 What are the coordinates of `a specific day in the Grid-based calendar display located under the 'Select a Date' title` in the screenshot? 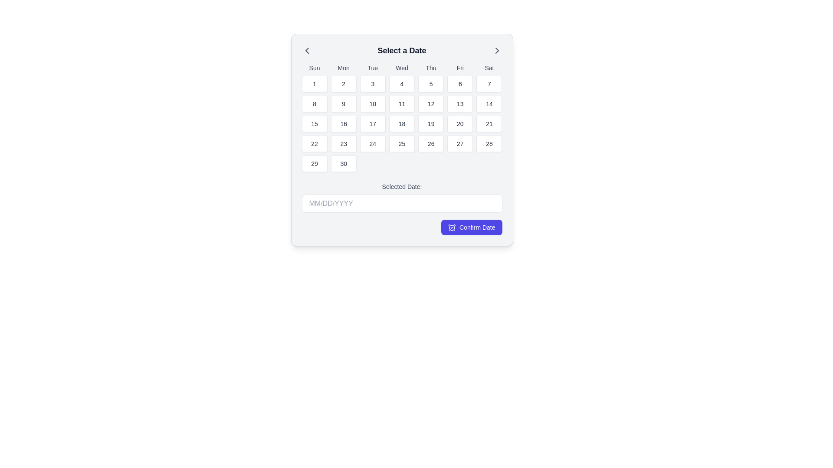 It's located at (401, 118).